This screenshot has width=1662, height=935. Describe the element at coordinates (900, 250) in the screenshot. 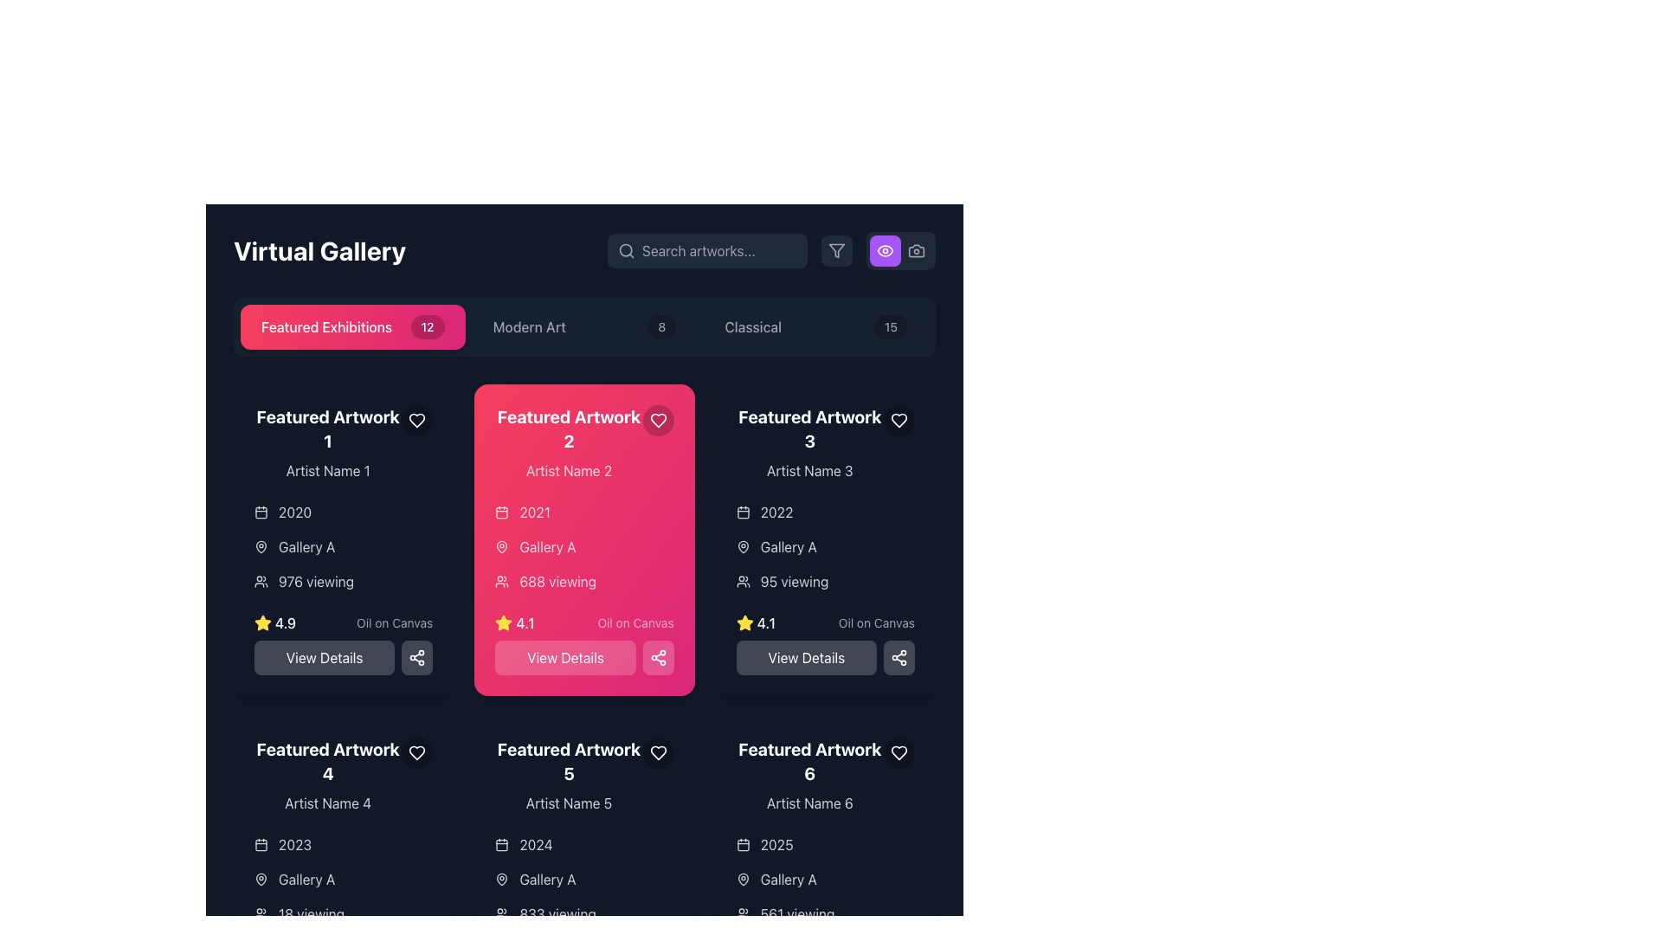

I see `the purple rectangular button with rounded corners and a white eye icon, located in the top-right section of the interface` at that location.